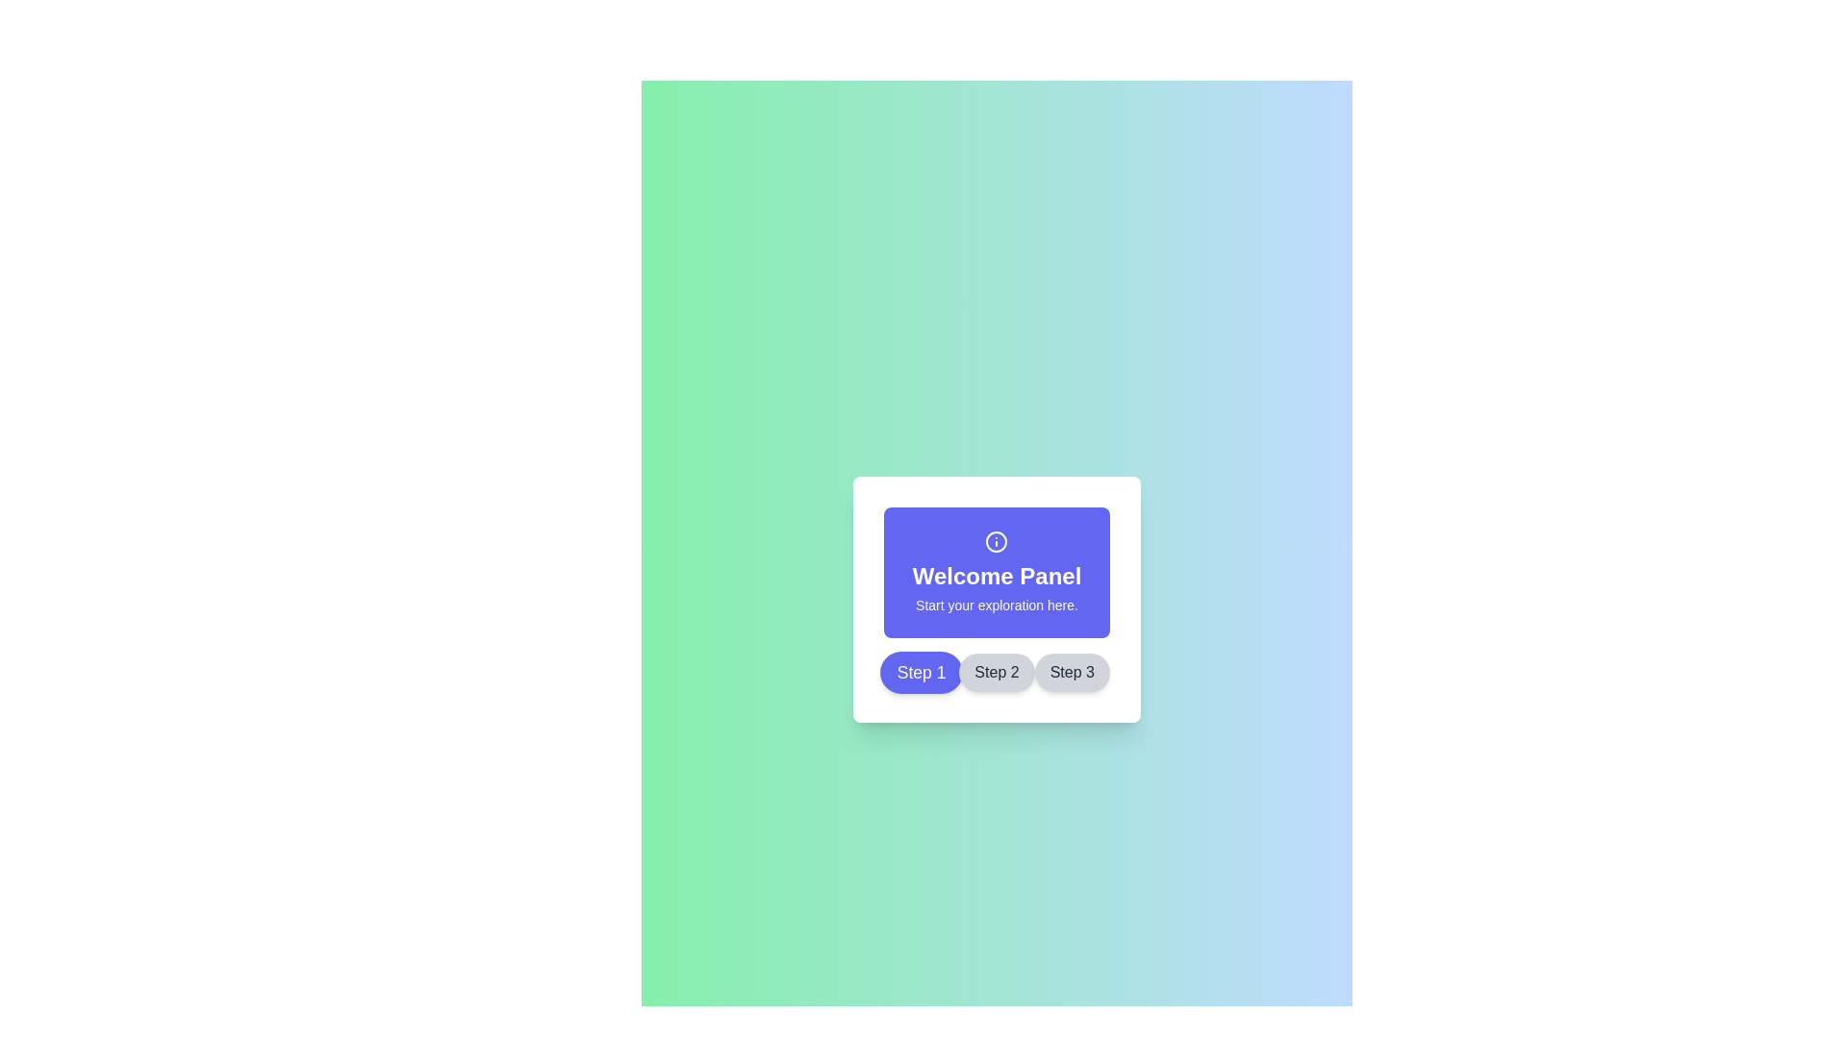 This screenshot has height=1038, width=1847. Describe the element at coordinates (997, 541) in the screenshot. I see `the SVG Circle element that is centered within the graphical icon of the 'Welcome Panel' card` at that location.